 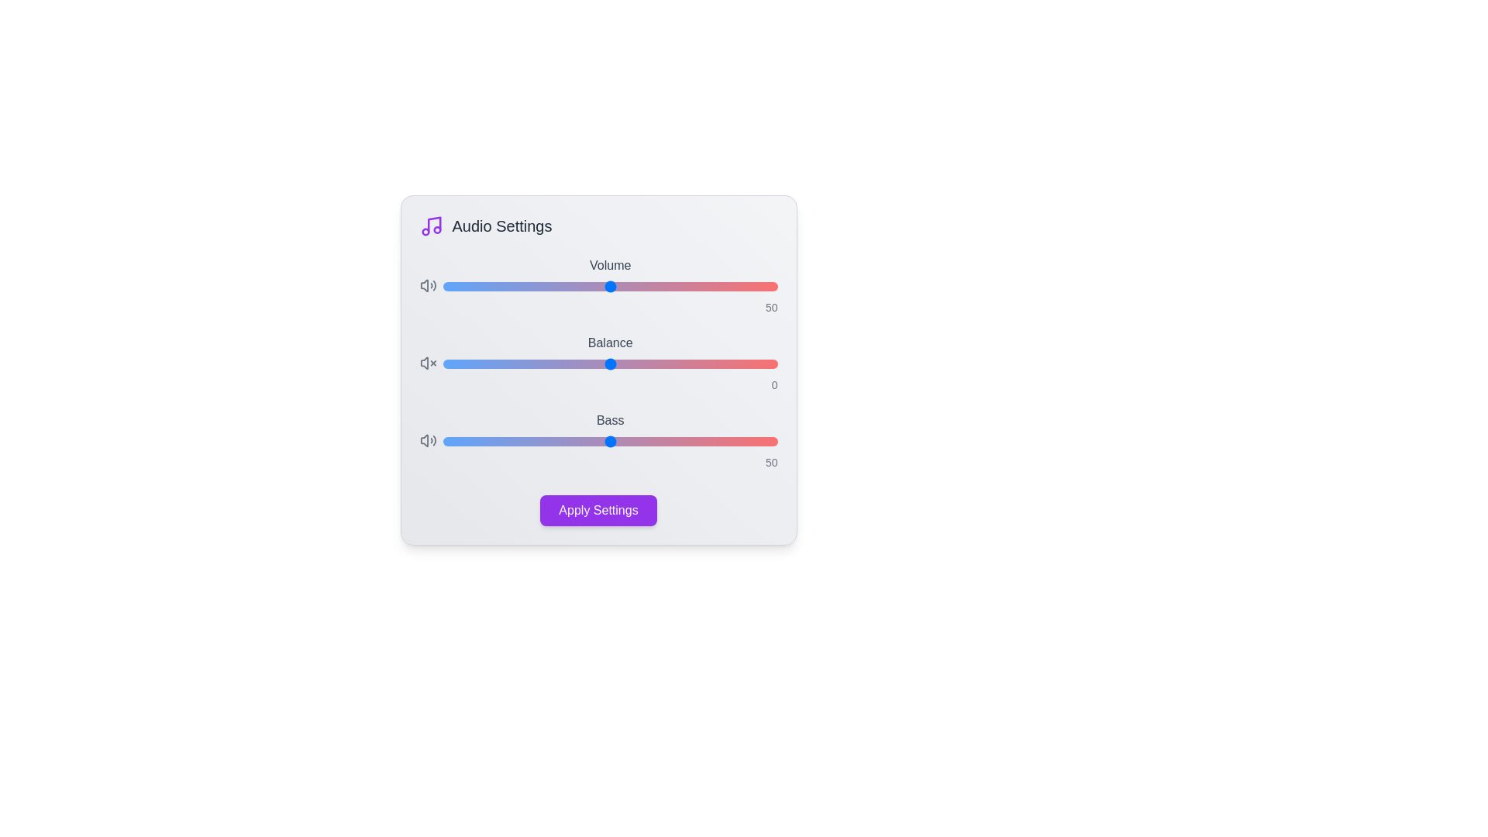 I want to click on the 'Bass' slider to 35, so click(x=559, y=442).